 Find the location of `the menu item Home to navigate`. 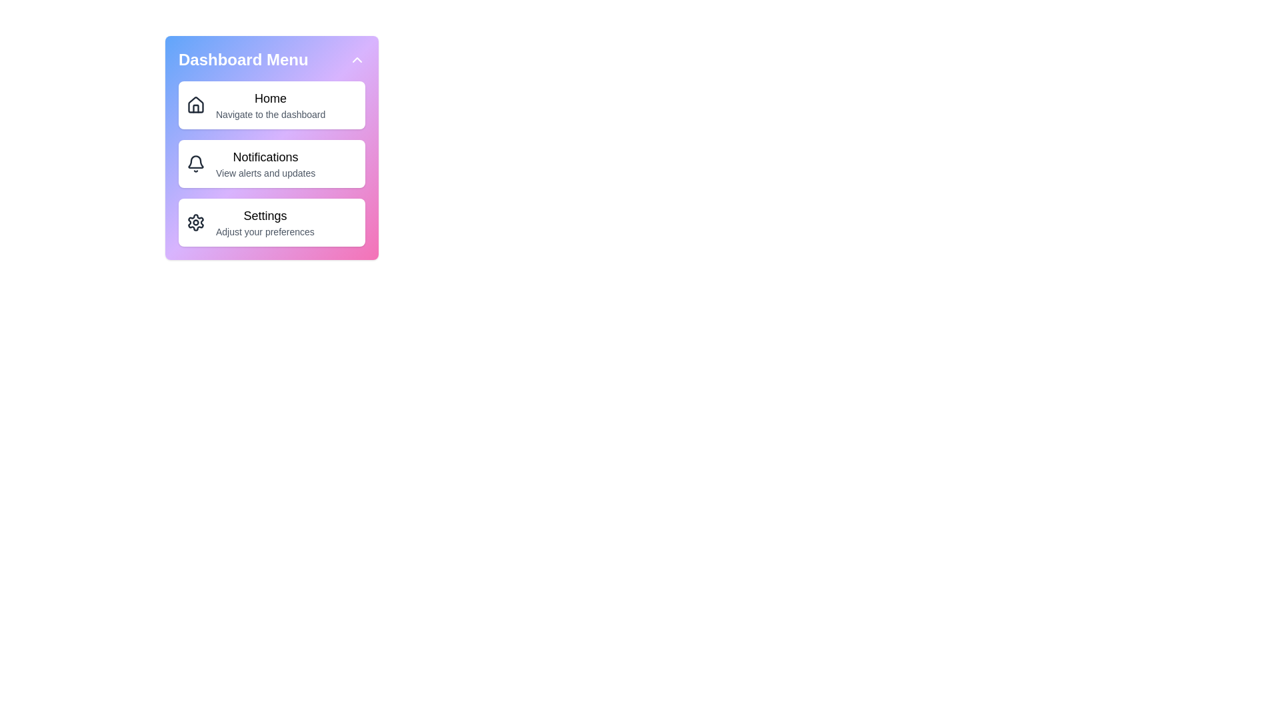

the menu item Home to navigate is located at coordinates (271, 105).